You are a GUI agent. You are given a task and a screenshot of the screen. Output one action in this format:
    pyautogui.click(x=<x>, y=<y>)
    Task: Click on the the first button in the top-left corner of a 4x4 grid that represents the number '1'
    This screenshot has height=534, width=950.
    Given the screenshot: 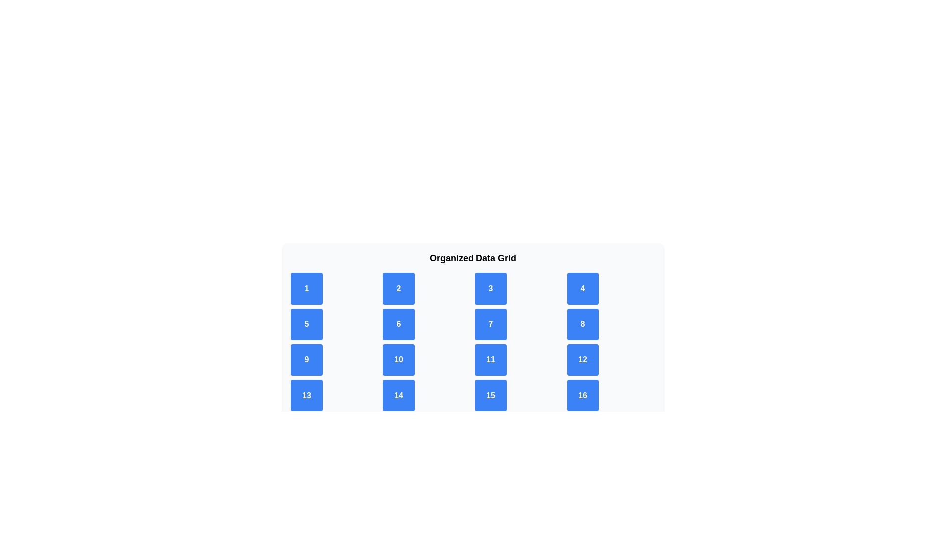 What is the action you would take?
    pyautogui.click(x=306, y=288)
    